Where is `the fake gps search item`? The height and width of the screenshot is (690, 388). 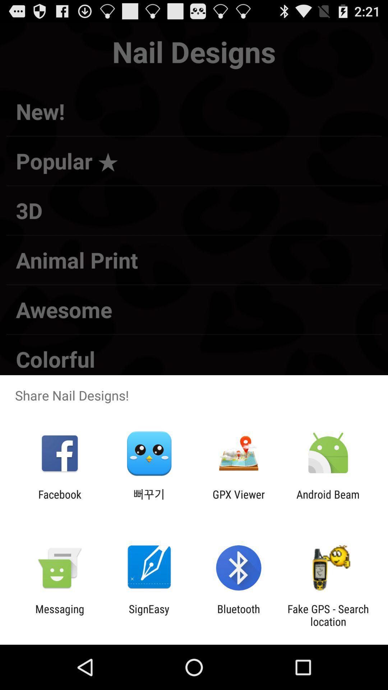
the fake gps search item is located at coordinates (328, 615).